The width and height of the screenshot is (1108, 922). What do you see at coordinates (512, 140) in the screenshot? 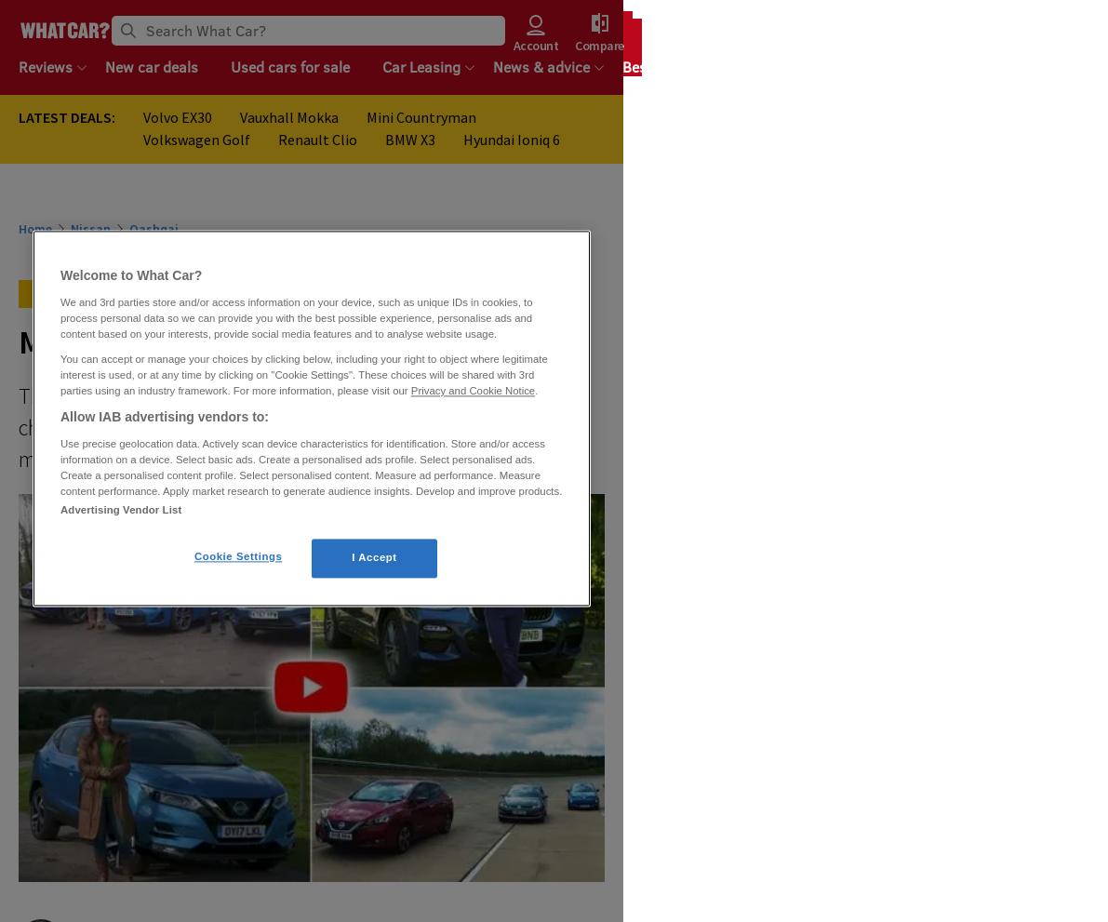
I see `'Hyundai Ioniq 6'` at bounding box center [512, 140].